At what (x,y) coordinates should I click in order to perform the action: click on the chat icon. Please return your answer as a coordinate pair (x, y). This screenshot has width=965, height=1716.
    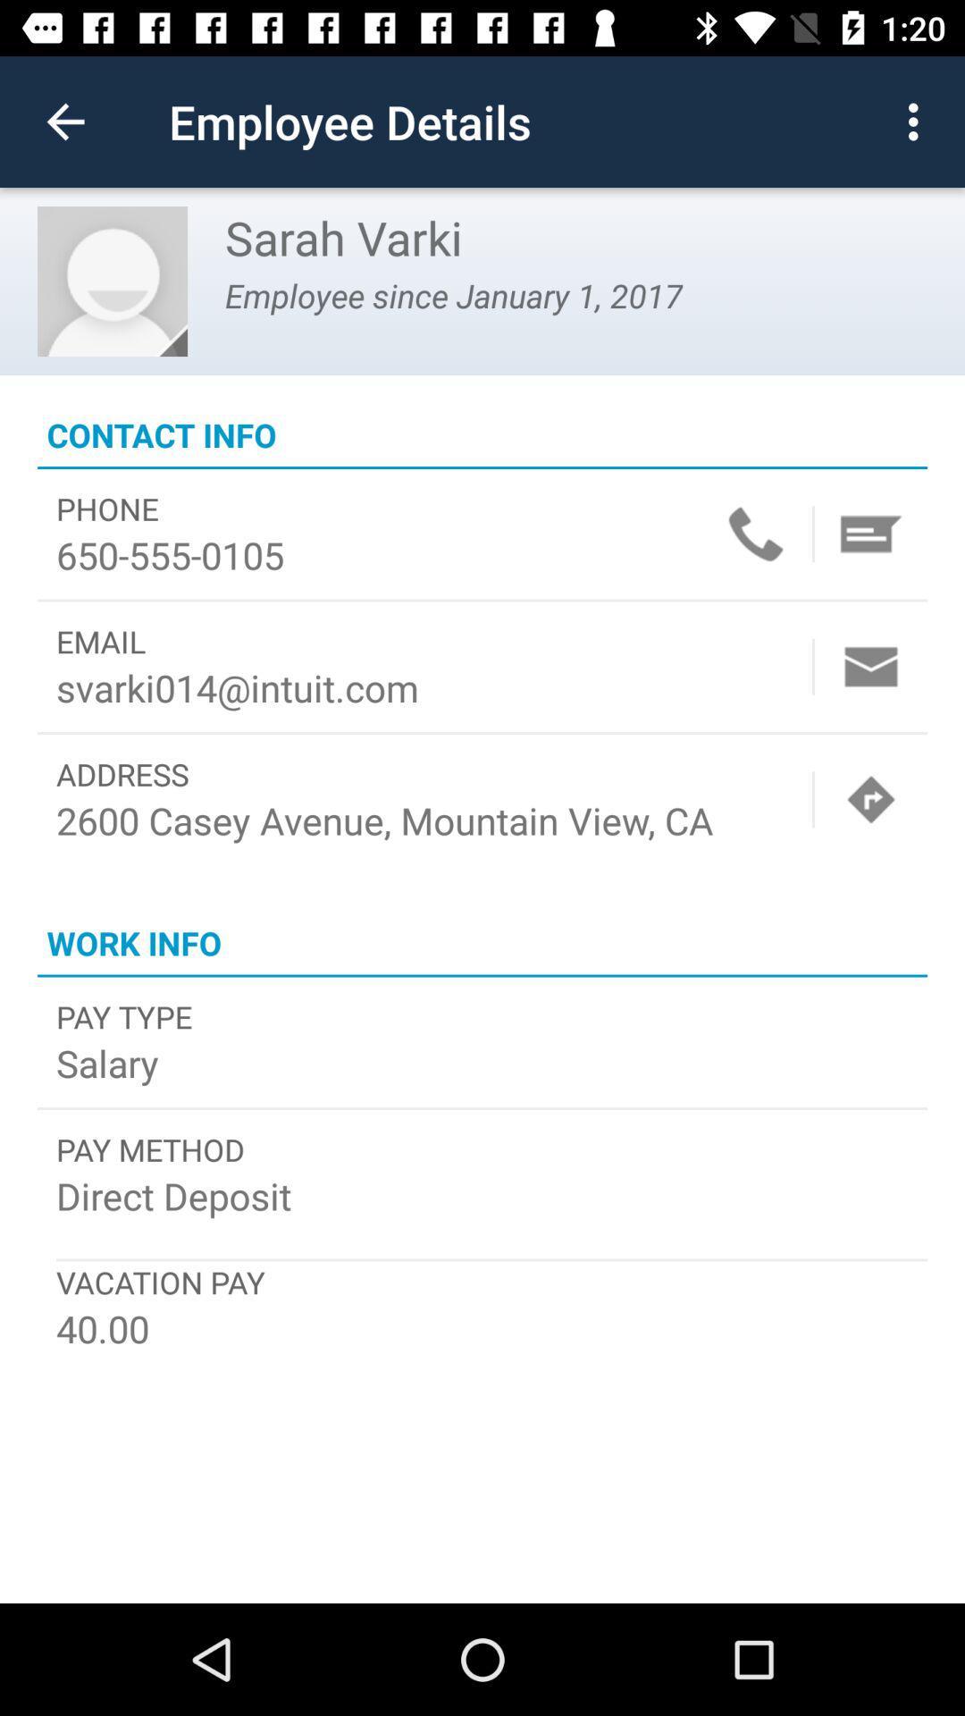
    Looking at the image, I should click on (870, 533).